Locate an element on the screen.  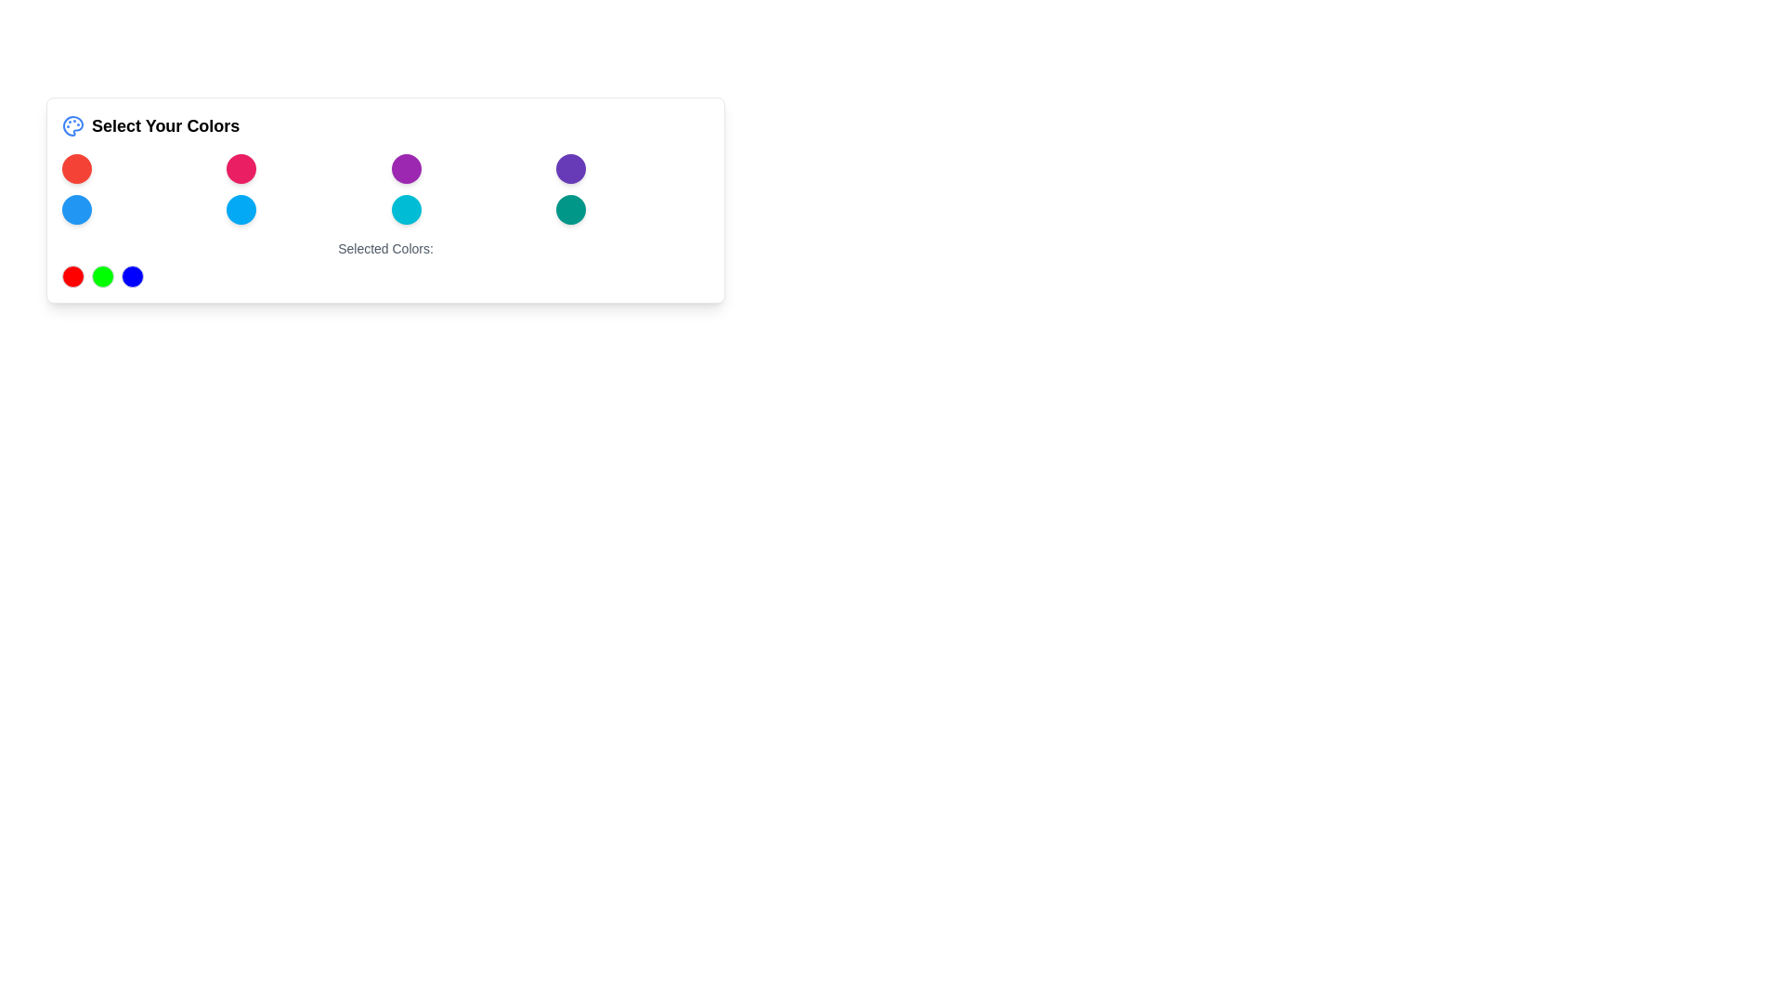
the color selection button located in the first row and fourth column of a 4x2 grid layout is located at coordinates (569, 168).